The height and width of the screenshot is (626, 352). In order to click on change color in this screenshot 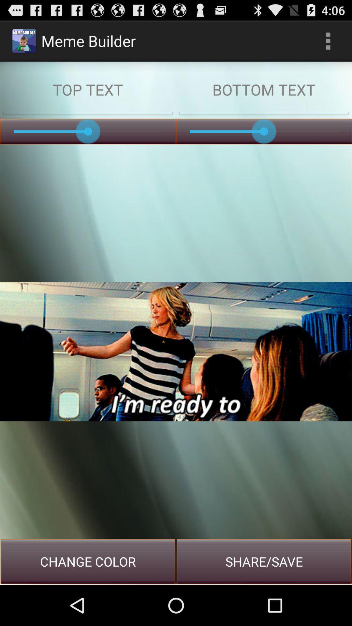, I will do `click(88, 561)`.